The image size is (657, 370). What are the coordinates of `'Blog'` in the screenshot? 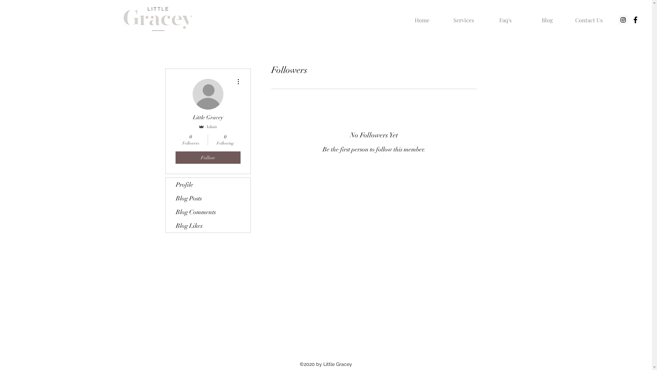 It's located at (546, 17).